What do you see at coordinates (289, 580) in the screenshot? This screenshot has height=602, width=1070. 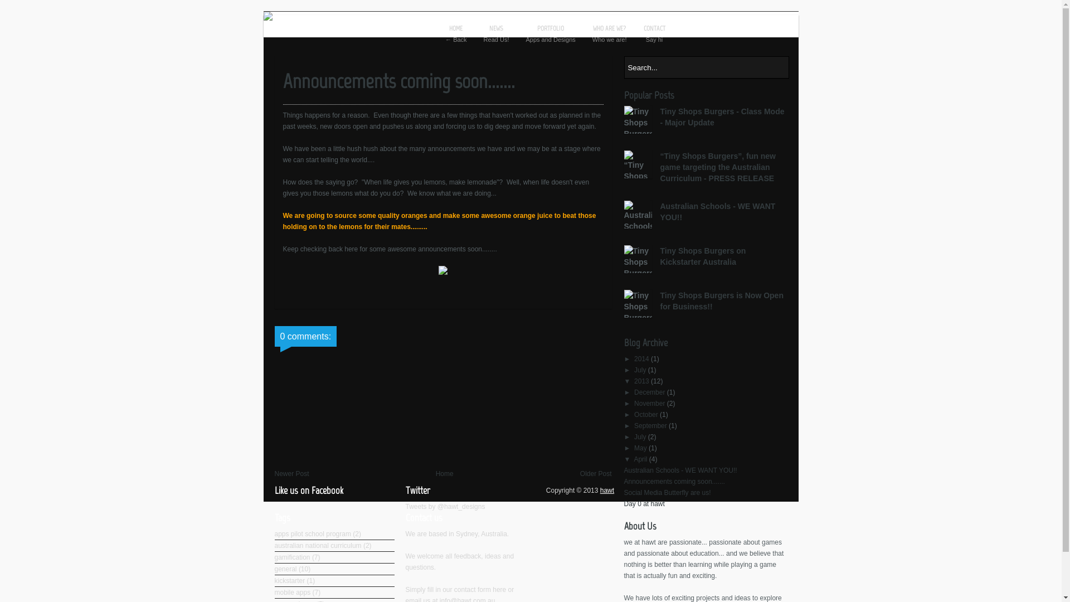 I see `'kickstarter'` at bounding box center [289, 580].